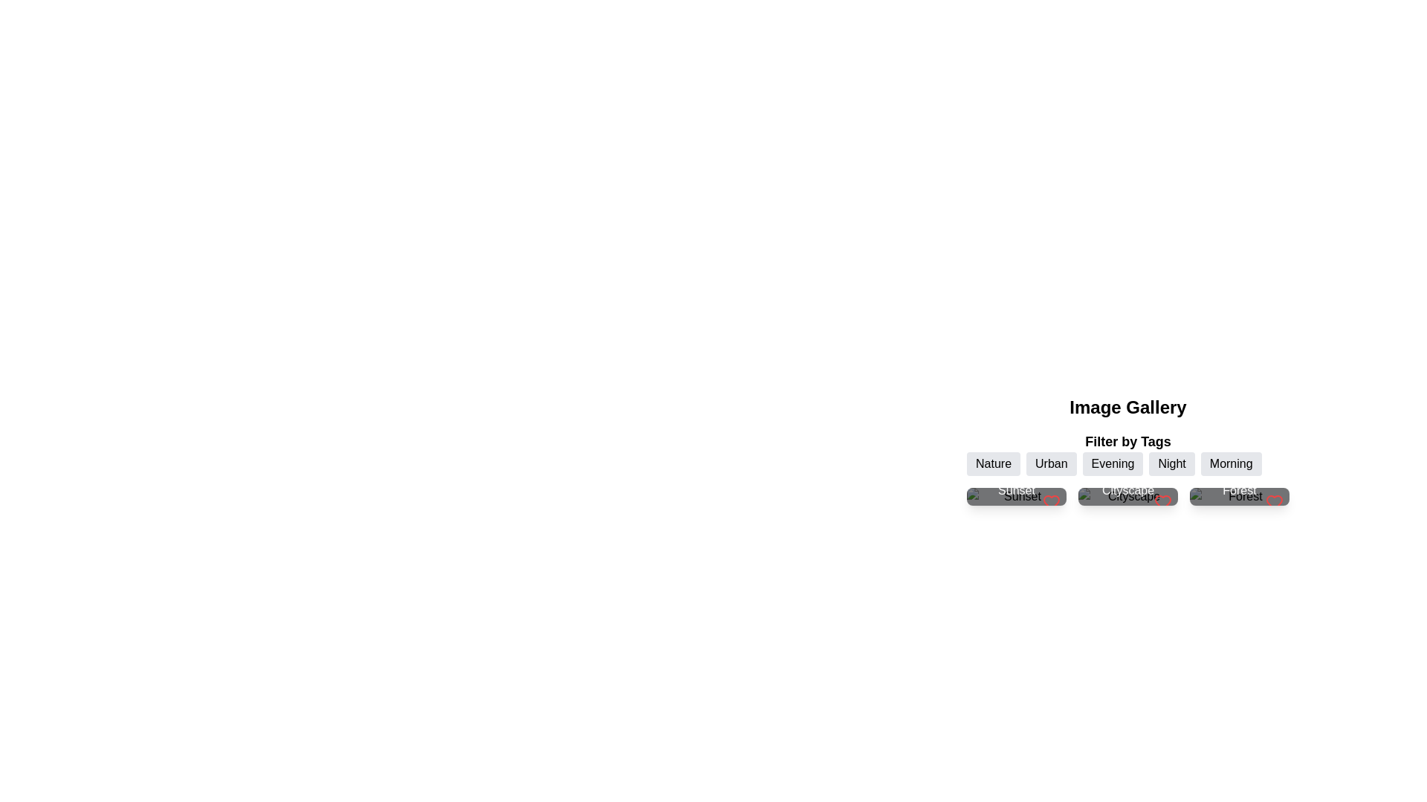 The width and height of the screenshot is (1427, 802). Describe the element at coordinates (1016, 496) in the screenshot. I see `the 'Sunset' Card, which is the first item in a horizontal grid layout, to interact with content related to it` at that location.